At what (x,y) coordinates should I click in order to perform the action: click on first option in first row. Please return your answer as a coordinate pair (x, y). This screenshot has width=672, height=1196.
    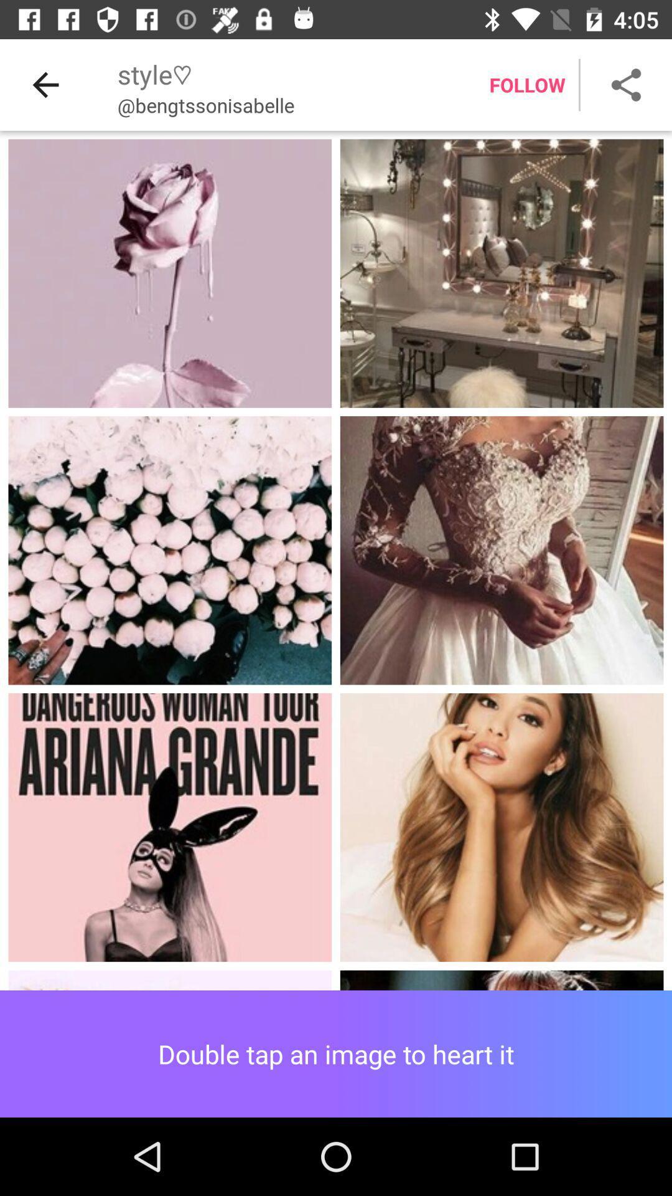
    Looking at the image, I should click on (170, 273).